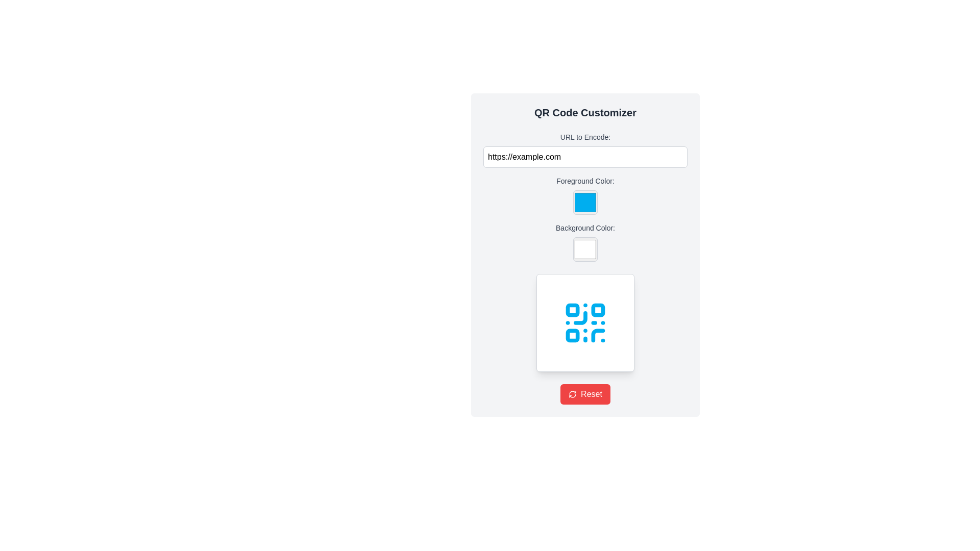 Image resolution: width=980 pixels, height=551 pixels. Describe the element at coordinates (585, 195) in the screenshot. I see `the color picker input field labeled 'Foreground Color:'` at that location.